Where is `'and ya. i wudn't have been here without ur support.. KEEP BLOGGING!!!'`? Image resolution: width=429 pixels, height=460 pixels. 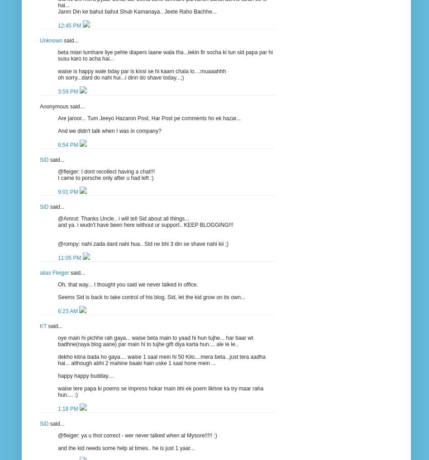
'and ya. i wudn't have been here without ur support.. KEEP BLOGGING!!!' is located at coordinates (145, 224).